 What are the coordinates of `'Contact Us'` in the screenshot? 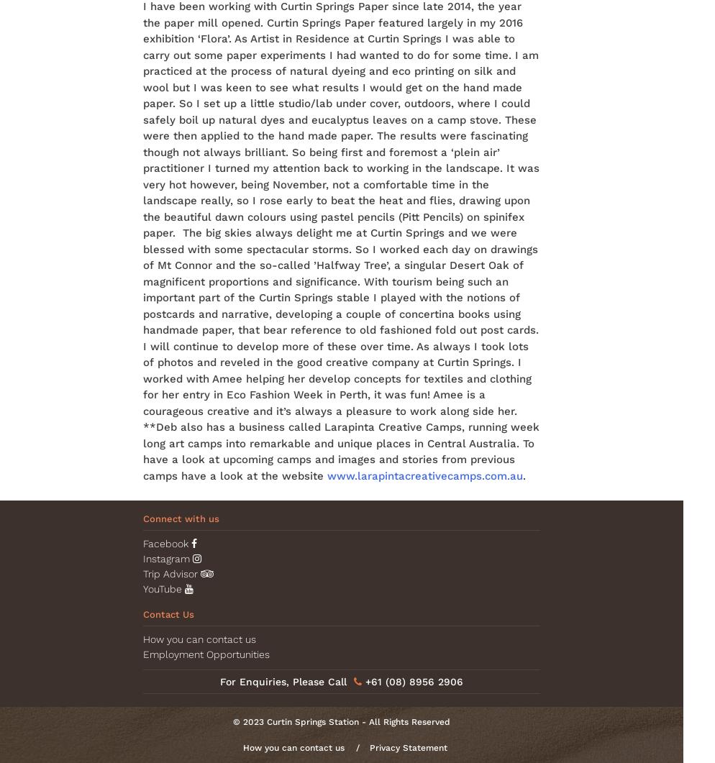 It's located at (168, 614).